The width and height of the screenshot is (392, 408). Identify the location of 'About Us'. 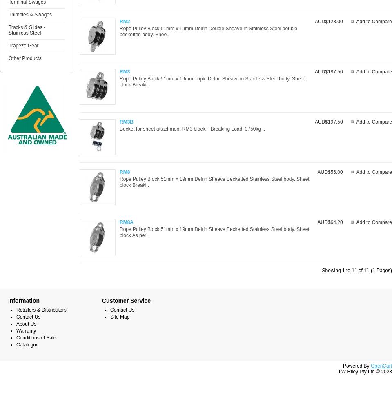
(16, 324).